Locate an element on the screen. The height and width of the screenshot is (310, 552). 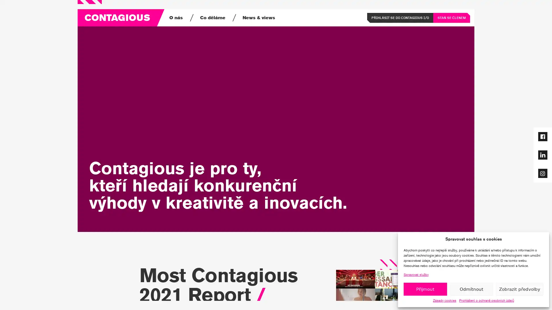
Odmitnout is located at coordinates (471, 289).